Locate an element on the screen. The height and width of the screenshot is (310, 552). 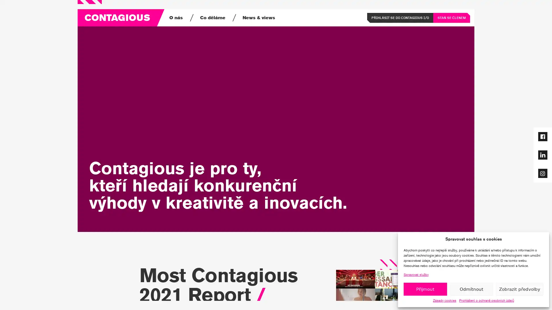
Odmitnout is located at coordinates (471, 289).